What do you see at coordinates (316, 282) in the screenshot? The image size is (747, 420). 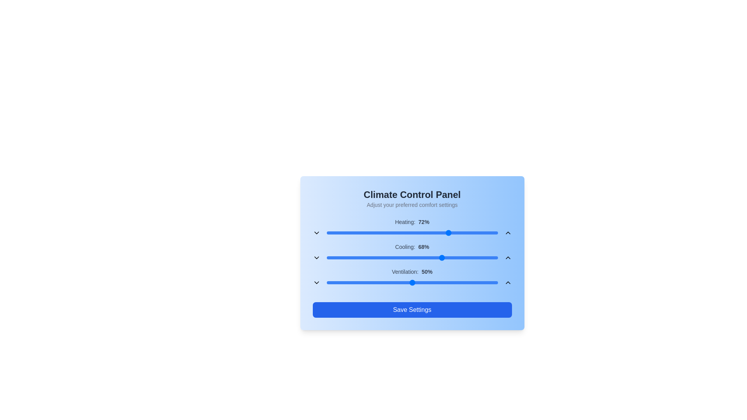 I see `the ventilation setting by clicking the down button` at bounding box center [316, 282].